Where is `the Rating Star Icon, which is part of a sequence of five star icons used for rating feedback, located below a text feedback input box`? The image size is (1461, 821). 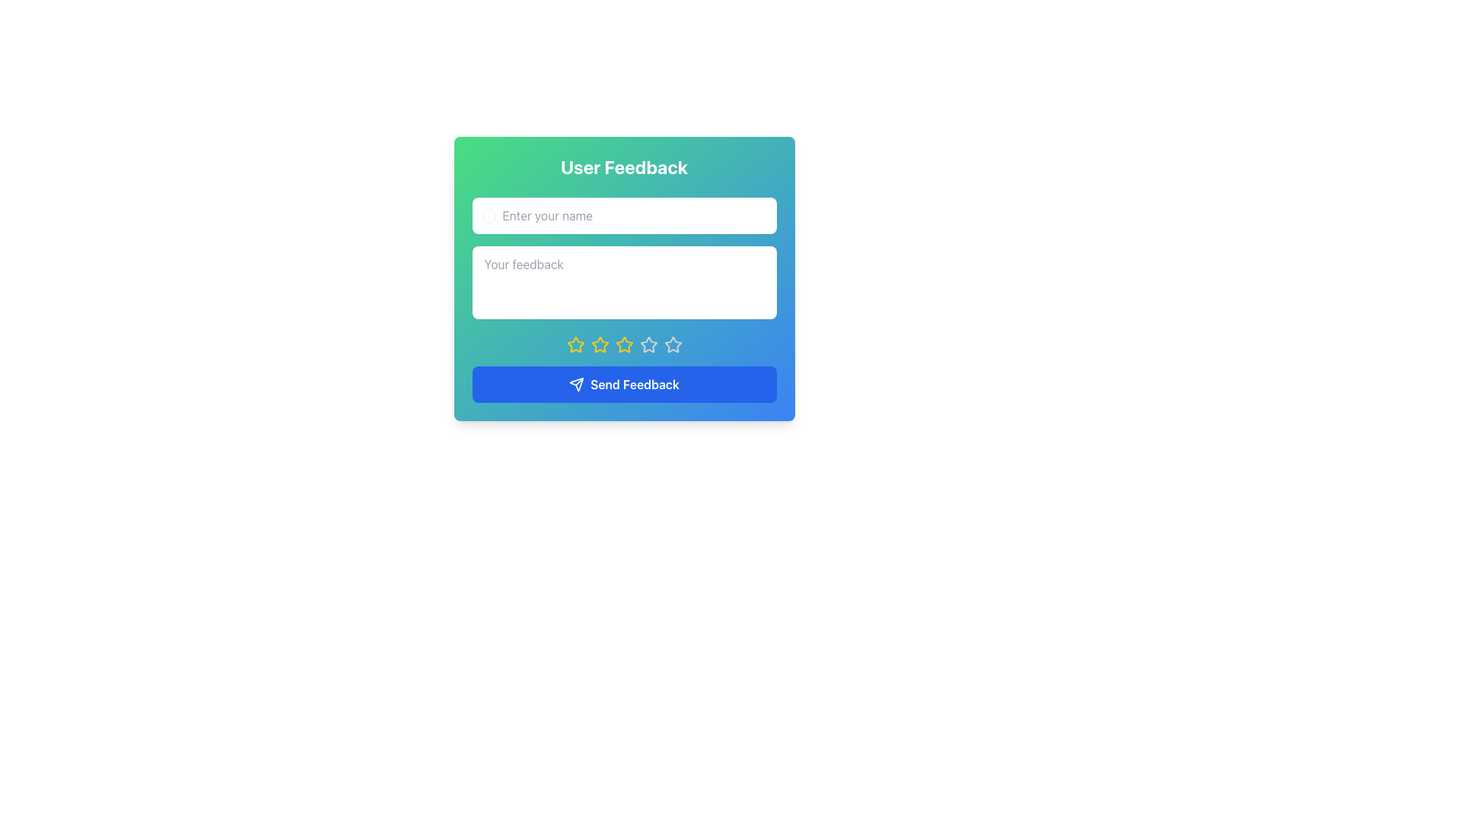 the Rating Star Icon, which is part of a sequence of five star icons used for rating feedback, located below a text feedback input box is located at coordinates (599, 344).